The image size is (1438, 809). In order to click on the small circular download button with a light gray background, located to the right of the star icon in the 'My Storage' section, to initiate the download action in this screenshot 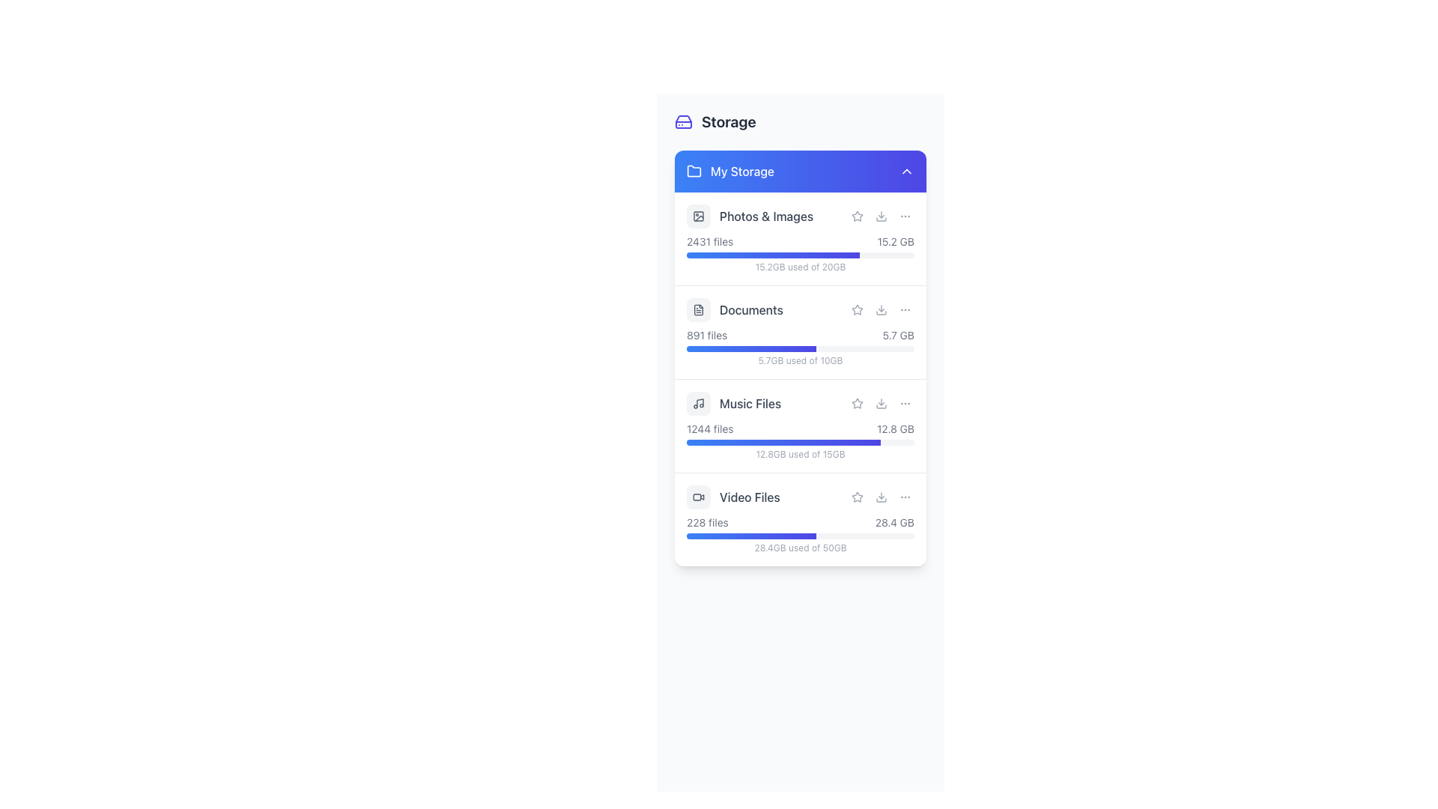, I will do `click(881, 309)`.